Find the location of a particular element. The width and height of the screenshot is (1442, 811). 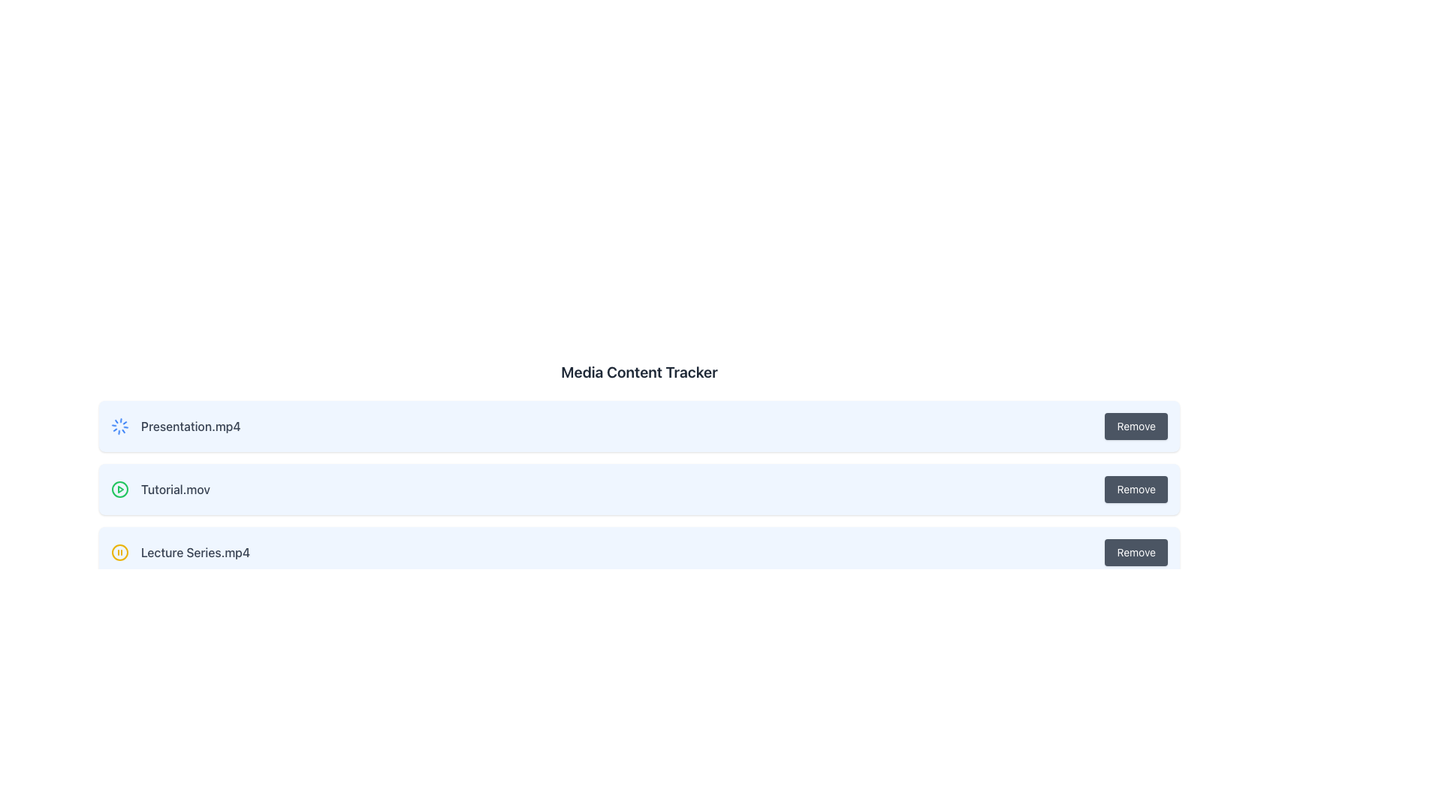

the 'Remove' button with a dark gray background and white text, located in the row titled 'Lecture Series.mp4' as the rightmost component of the third entry in the list, to initiate the remove action is located at coordinates (1136, 553).